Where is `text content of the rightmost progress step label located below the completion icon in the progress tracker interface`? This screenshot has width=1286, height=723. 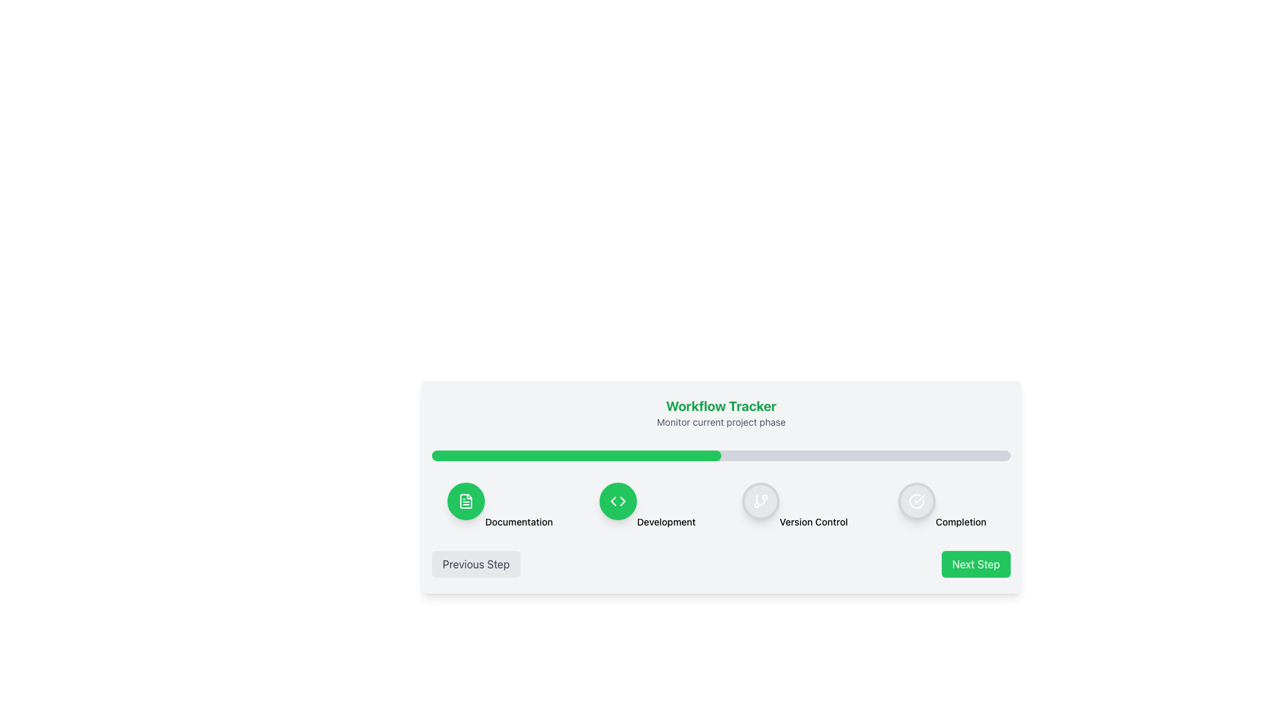 text content of the rightmost progress step label located below the completion icon in the progress tracker interface is located at coordinates (960, 521).